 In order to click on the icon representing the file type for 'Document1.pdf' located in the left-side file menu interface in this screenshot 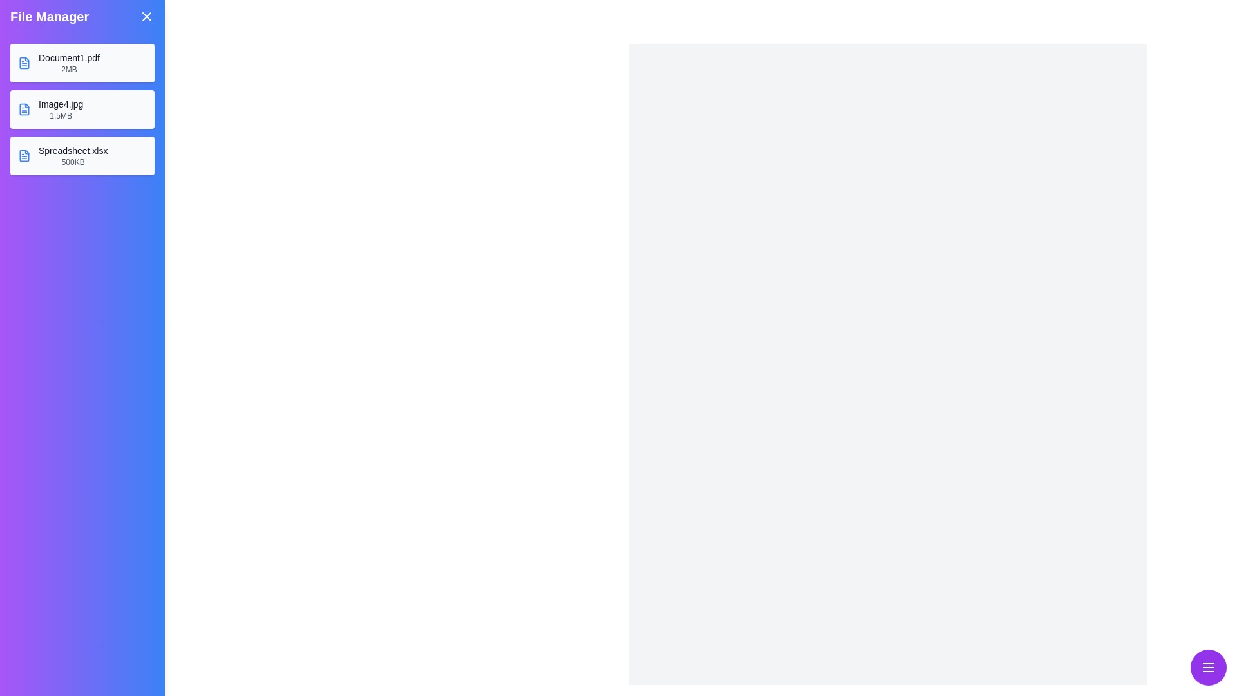, I will do `click(24, 63)`.